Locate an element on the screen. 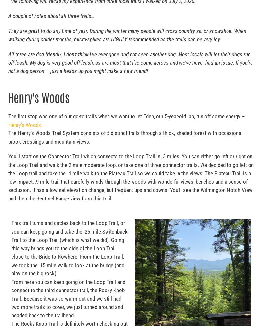 This screenshot has width=263, height=326. 'From here you can keep going on the Loop Trail and connect to the third connector trail, the Rocky Knob Trail. Because it was so warm out and we still had two more trails to cover, we just turned around and headed back to the trailhead.' is located at coordinates (68, 298).